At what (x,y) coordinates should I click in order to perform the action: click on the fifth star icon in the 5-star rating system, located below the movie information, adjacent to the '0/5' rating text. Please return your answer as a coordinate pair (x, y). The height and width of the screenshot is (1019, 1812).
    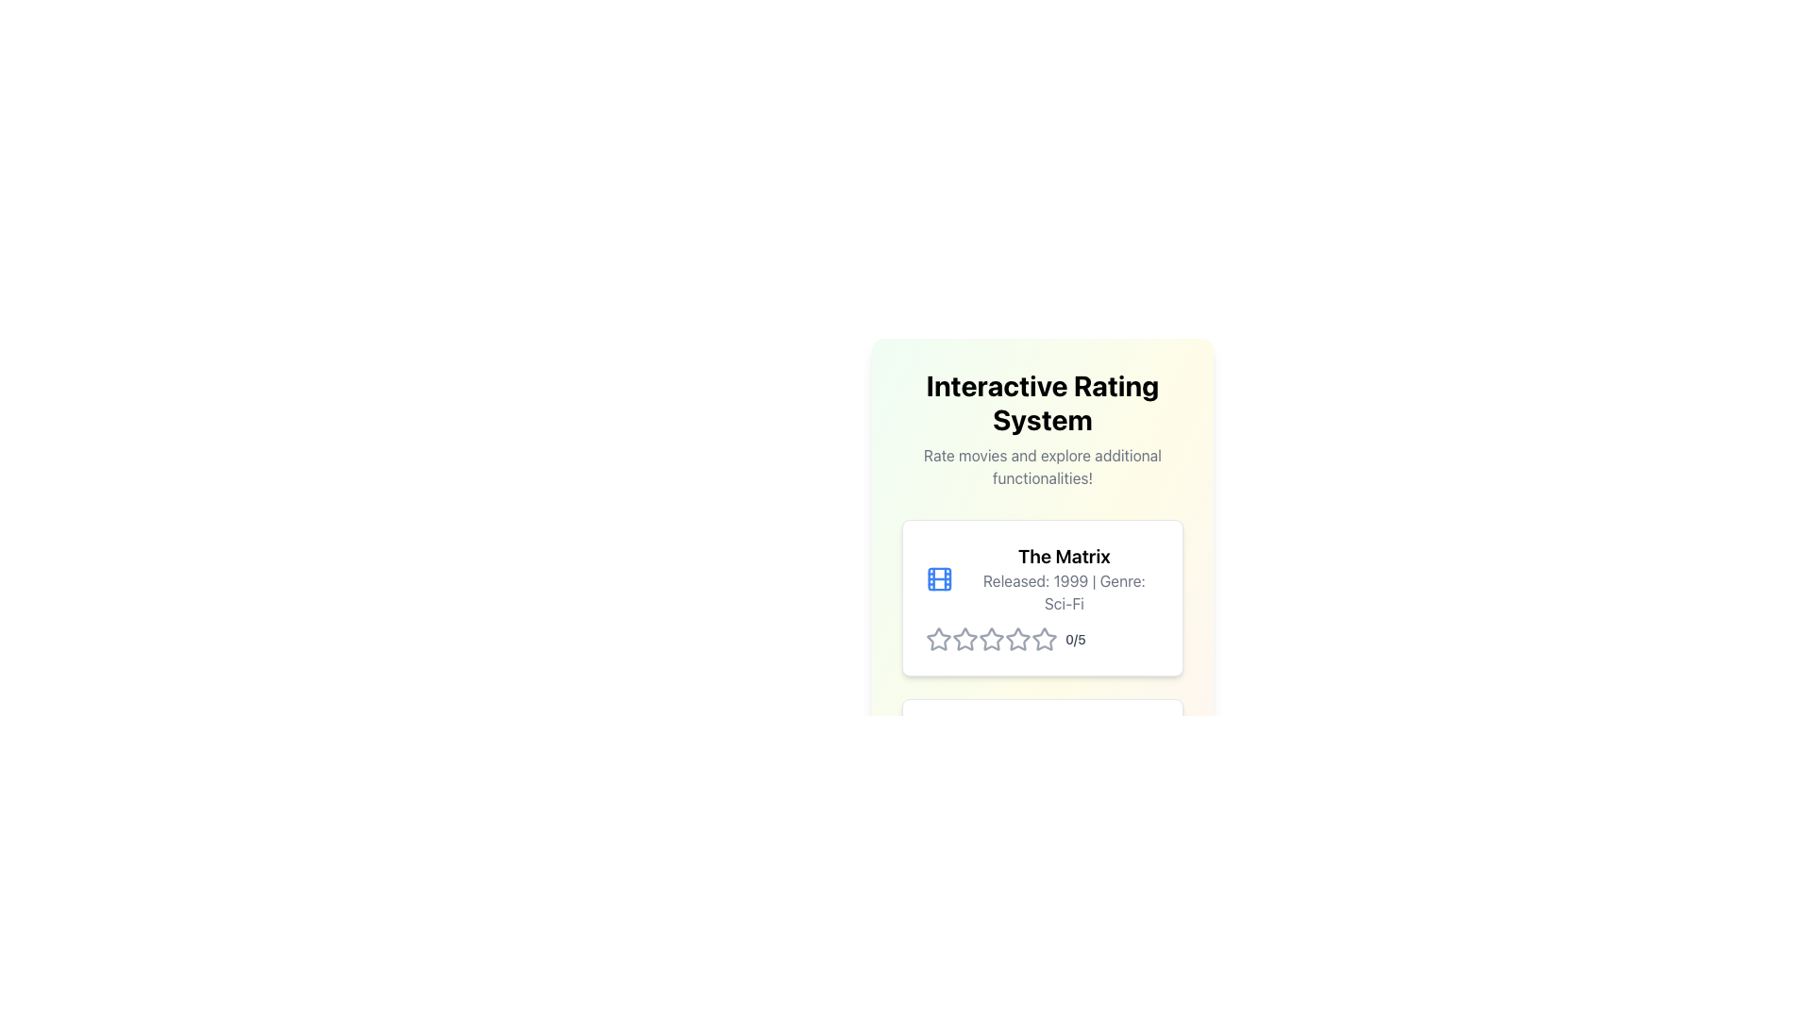
    Looking at the image, I should click on (1044, 639).